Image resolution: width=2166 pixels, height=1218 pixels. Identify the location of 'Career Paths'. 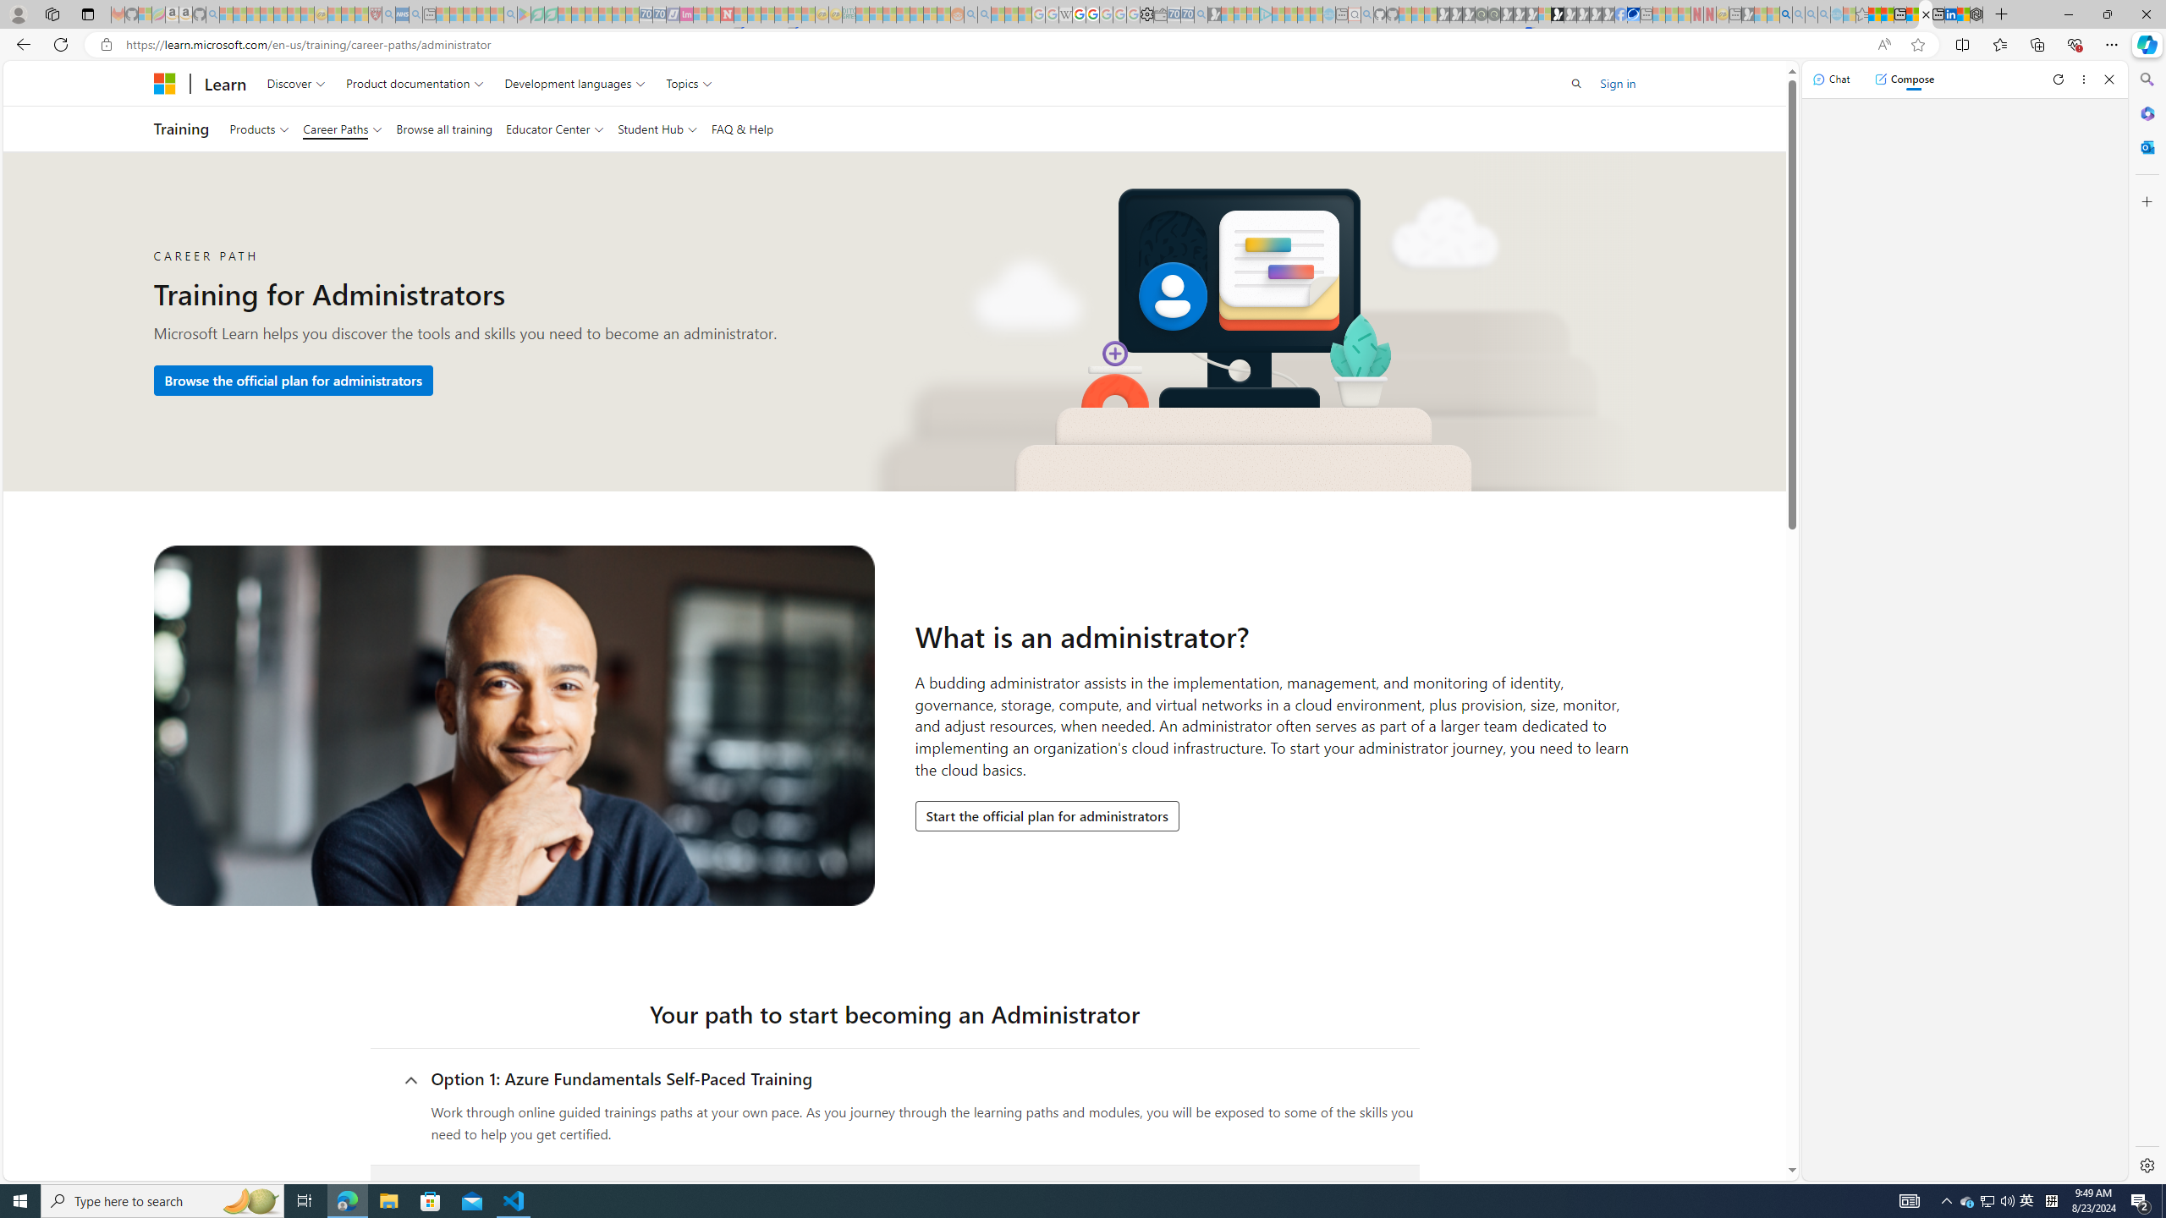
(342, 129).